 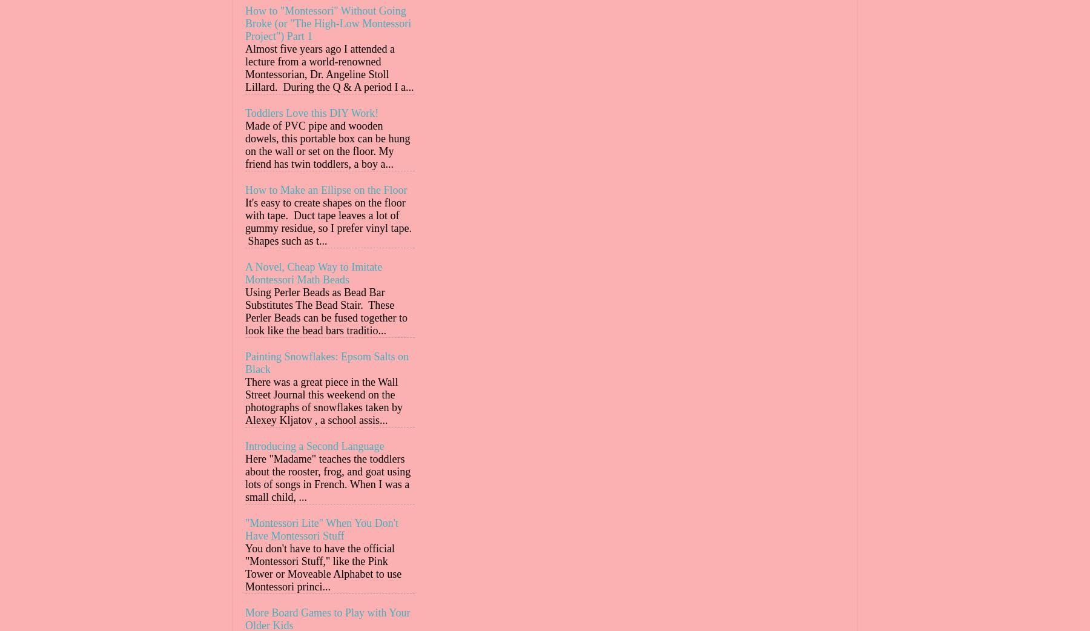 I want to click on 'Using Perler Beads as Bead Bar Substitutes    The Bead Stair.  These Perler Beads can be fused together to look like the bead bars traditio...', so click(x=325, y=311).